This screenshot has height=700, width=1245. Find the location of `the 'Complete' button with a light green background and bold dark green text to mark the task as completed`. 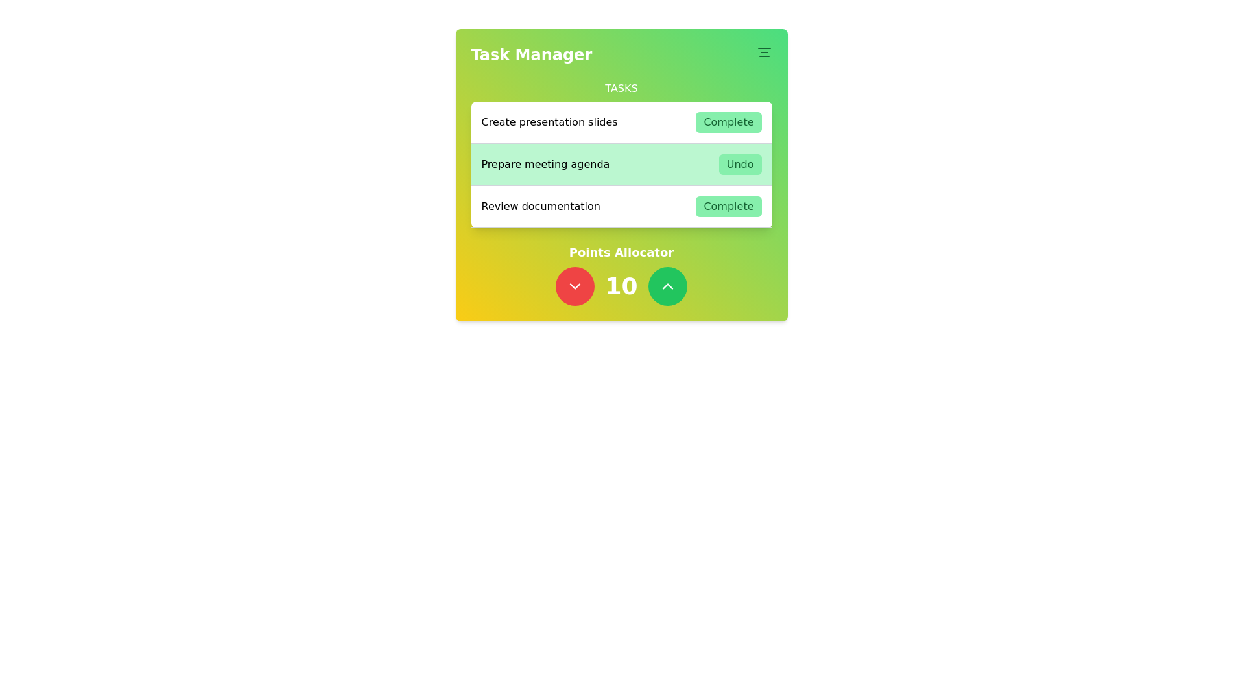

the 'Complete' button with a light green background and bold dark green text to mark the task as completed is located at coordinates (728, 122).